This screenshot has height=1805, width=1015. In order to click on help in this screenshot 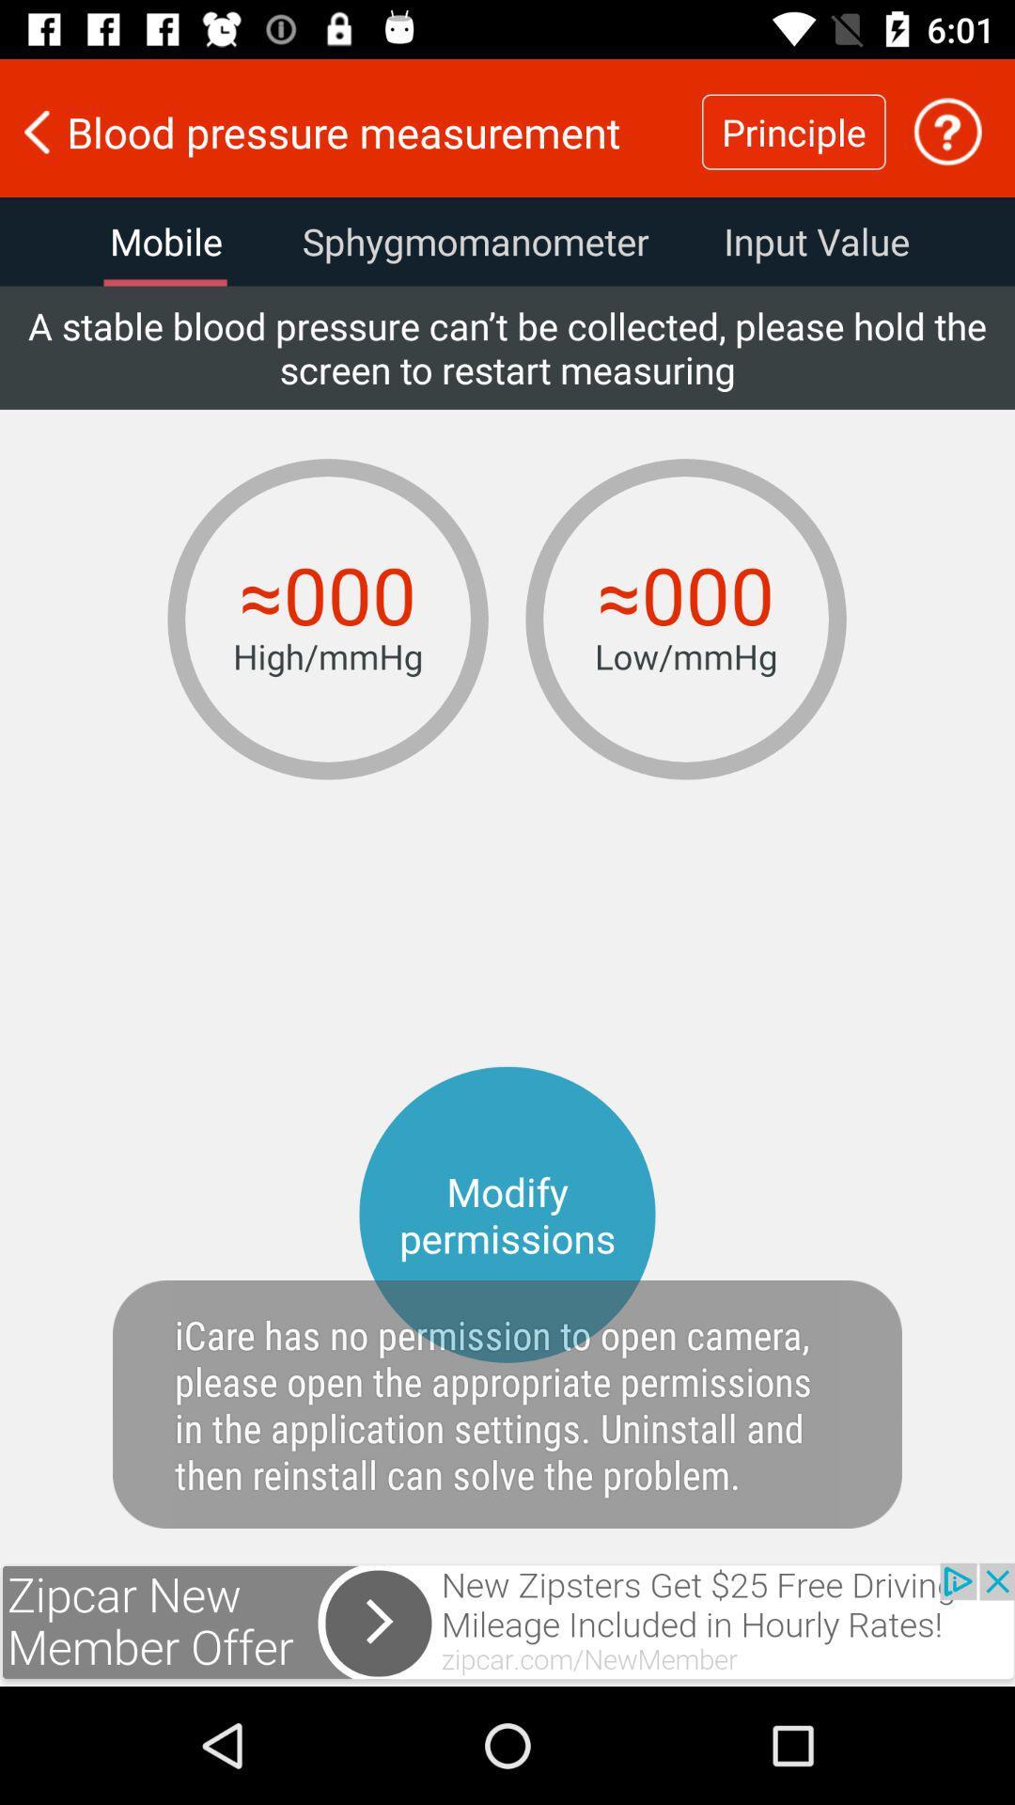, I will do `click(947, 131)`.